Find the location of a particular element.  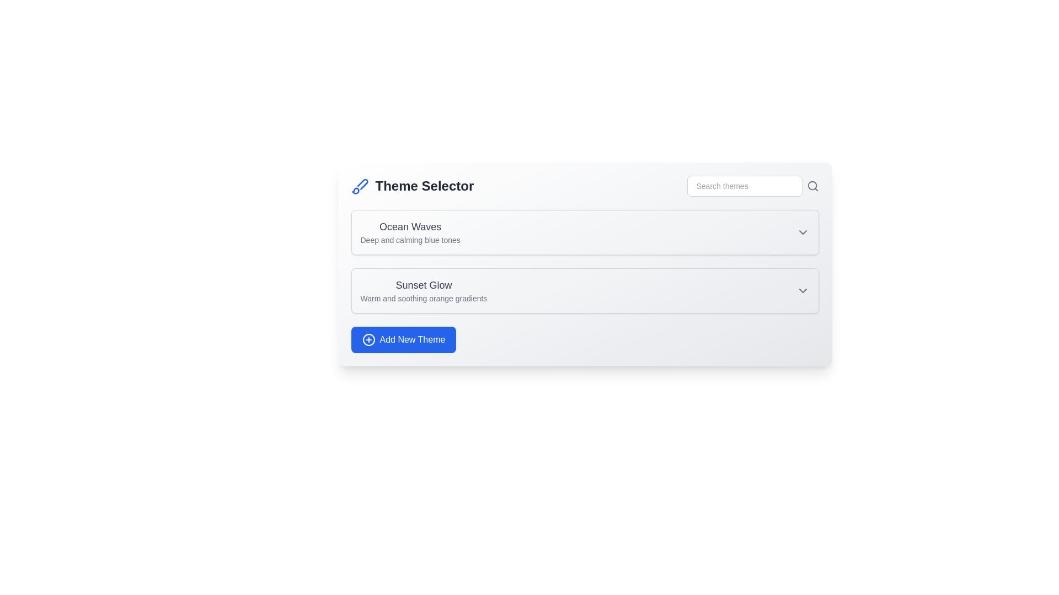

the SVG Circle element, which is part of a circular icon located in the bottom right section of the UI, adjacent to the 'Add New Theme' button is located at coordinates (368, 339).